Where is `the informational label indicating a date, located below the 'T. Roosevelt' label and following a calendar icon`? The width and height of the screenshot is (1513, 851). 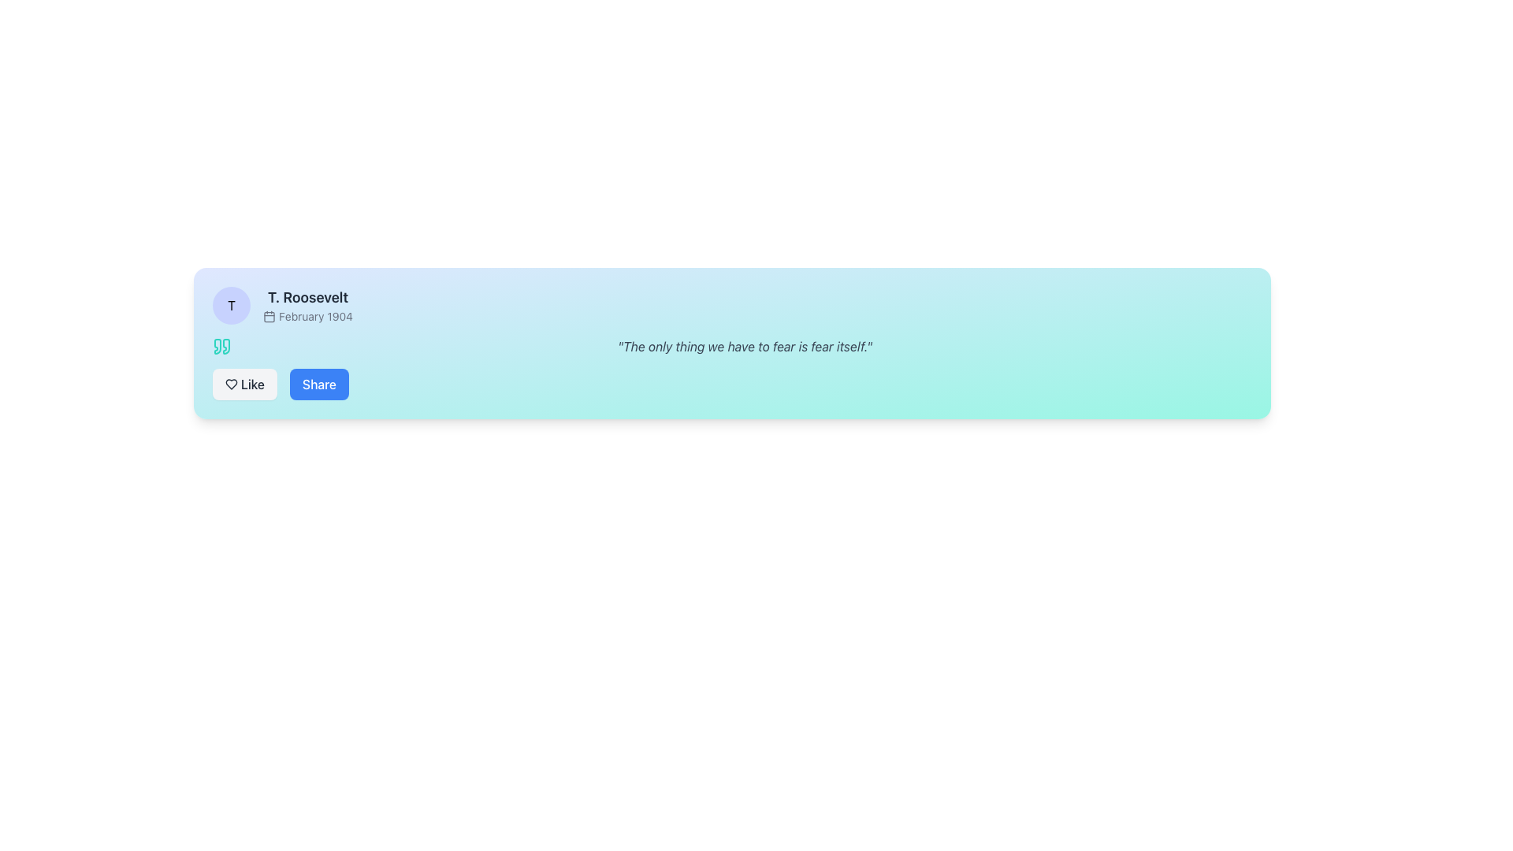
the informational label indicating a date, located below the 'T. Roosevelt' label and following a calendar icon is located at coordinates (308, 316).